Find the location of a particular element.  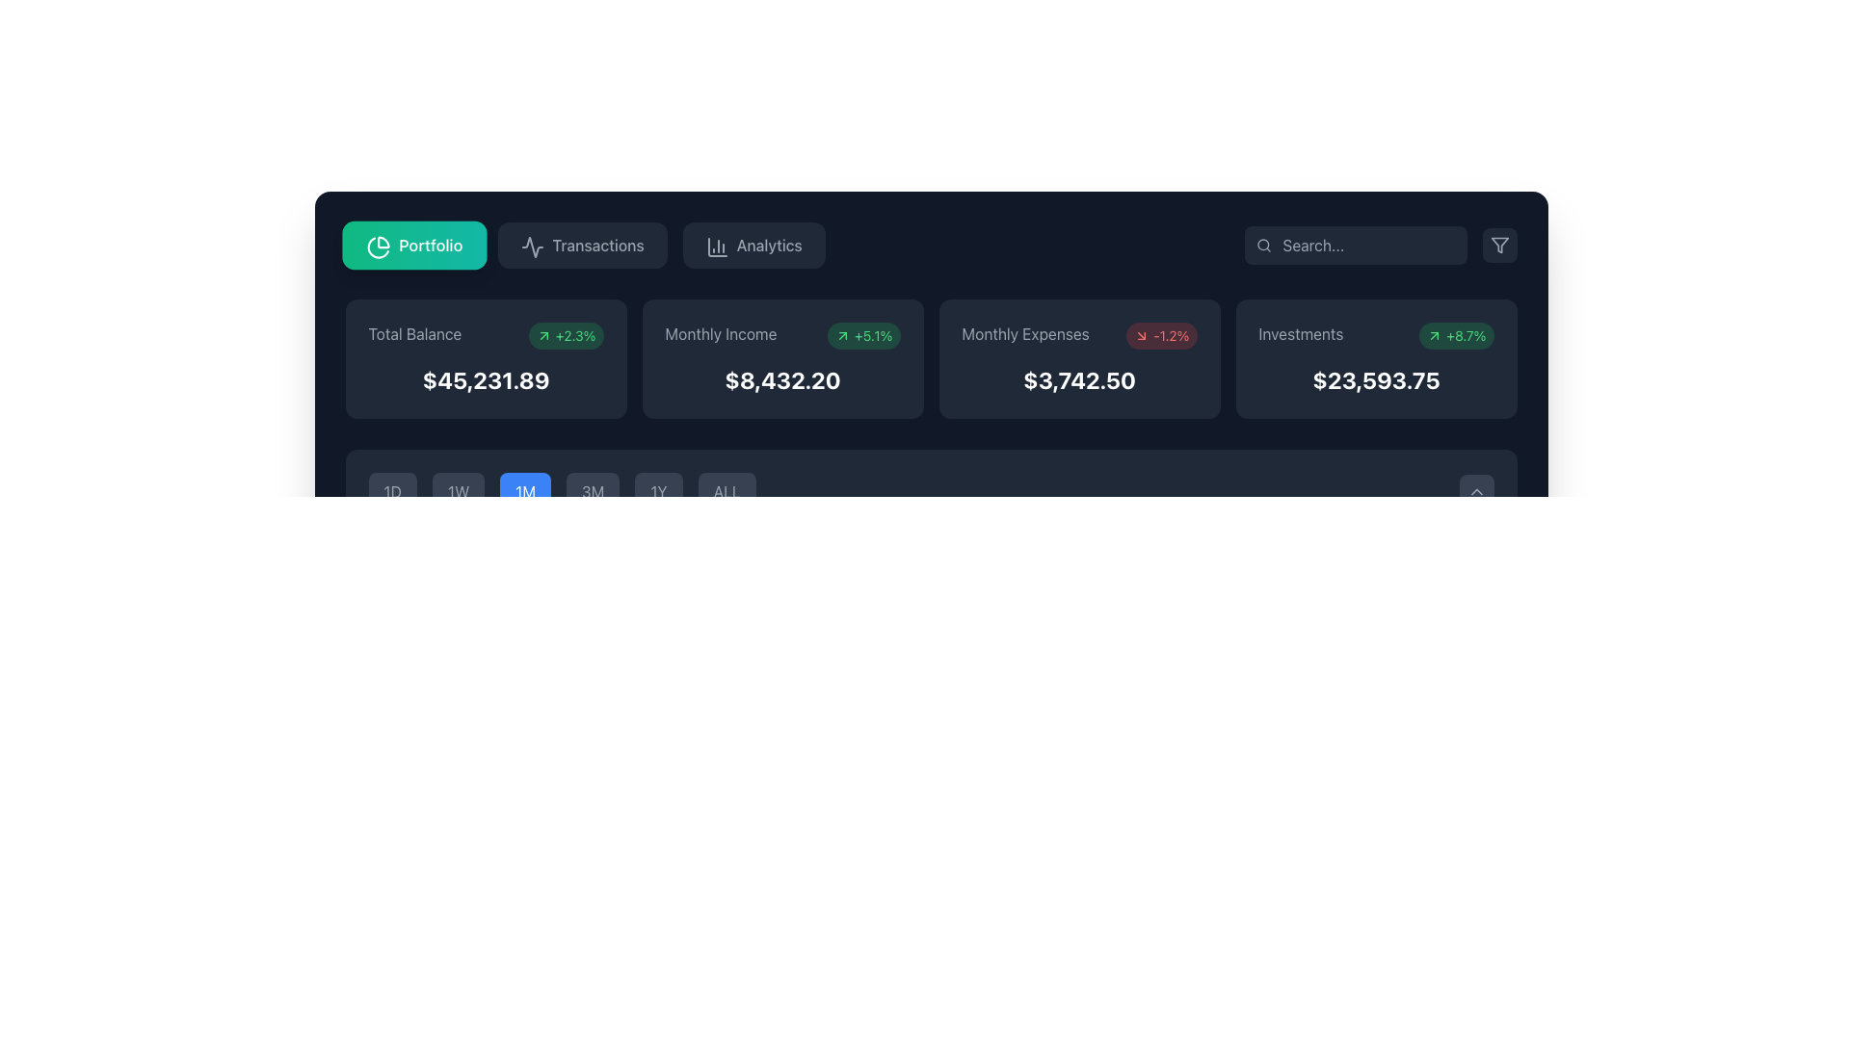

the rectangular button with rounded corners labeled '1D' in light gray font, located in the bottom-left portion of the interface below the financial statistics section is located at coordinates (391, 490).